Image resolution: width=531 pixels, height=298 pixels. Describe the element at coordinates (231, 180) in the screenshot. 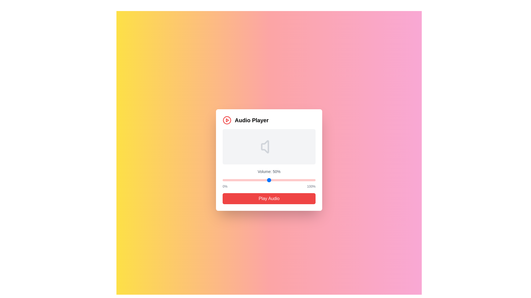

I see `the volume slider to set the volume to 9%` at that location.